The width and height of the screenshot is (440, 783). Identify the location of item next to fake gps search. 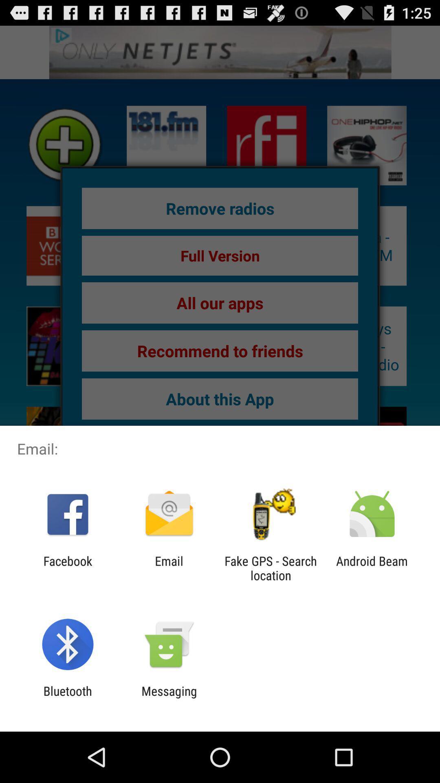
(372, 568).